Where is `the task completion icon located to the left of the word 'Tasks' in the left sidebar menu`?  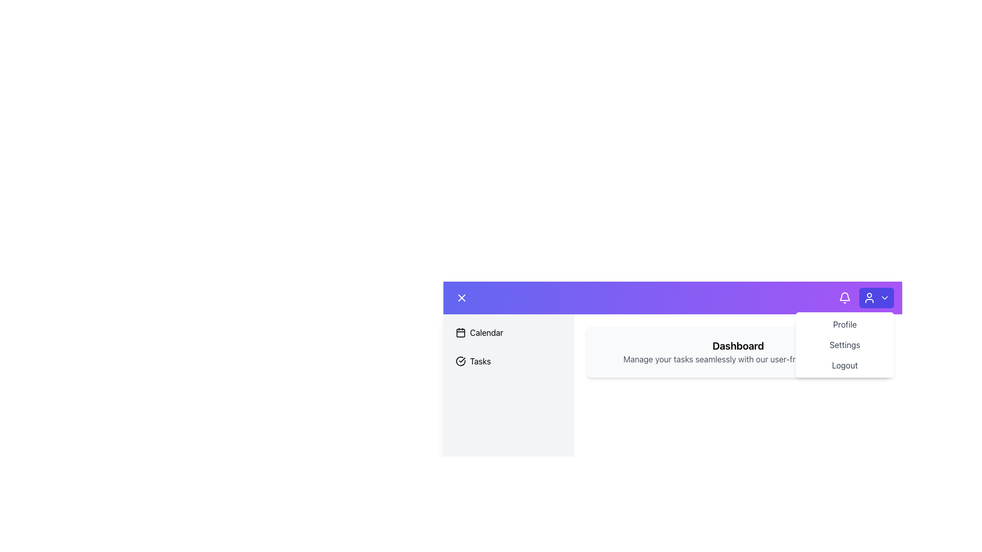 the task completion icon located to the left of the word 'Tasks' in the left sidebar menu is located at coordinates (460, 360).